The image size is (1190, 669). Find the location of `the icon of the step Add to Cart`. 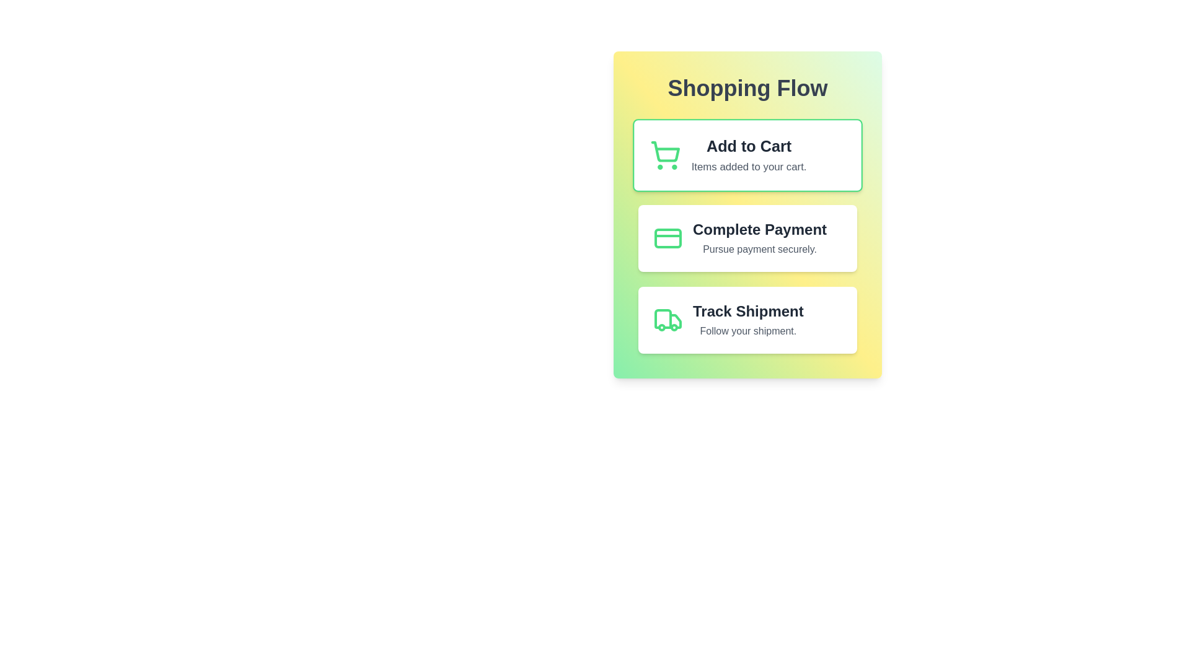

the icon of the step Add to Cart is located at coordinates (664, 154).